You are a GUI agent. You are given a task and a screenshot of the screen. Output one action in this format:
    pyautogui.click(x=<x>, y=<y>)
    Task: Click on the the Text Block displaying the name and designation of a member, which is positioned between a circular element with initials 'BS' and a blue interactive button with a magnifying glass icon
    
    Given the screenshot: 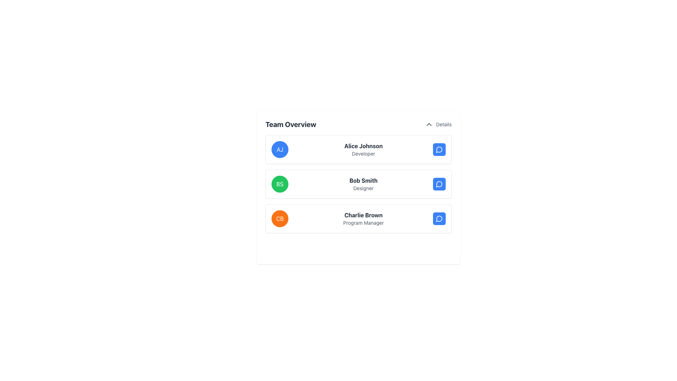 What is the action you would take?
    pyautogui.click(x=364, y=183)
    